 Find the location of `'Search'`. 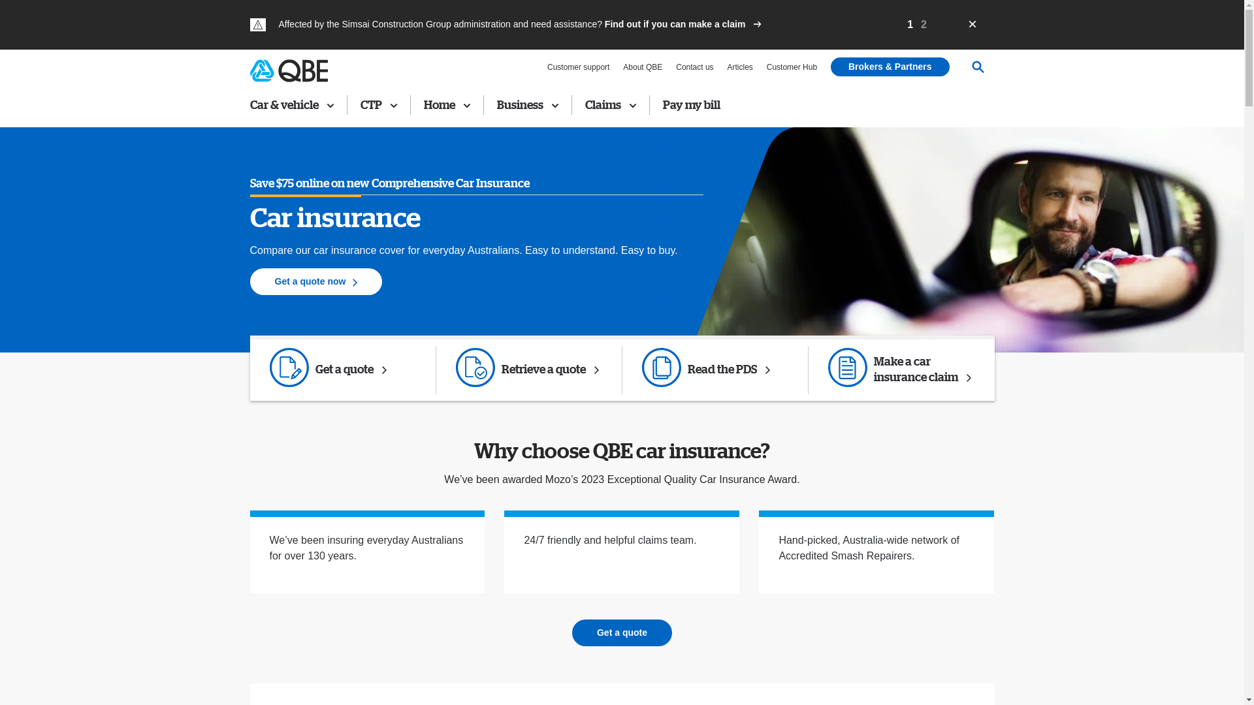

'Search' is located at coordinates (978, 67).